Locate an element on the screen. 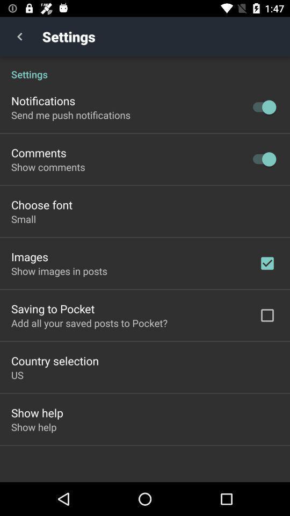  the add all your item is located at coordinates (89, 322).